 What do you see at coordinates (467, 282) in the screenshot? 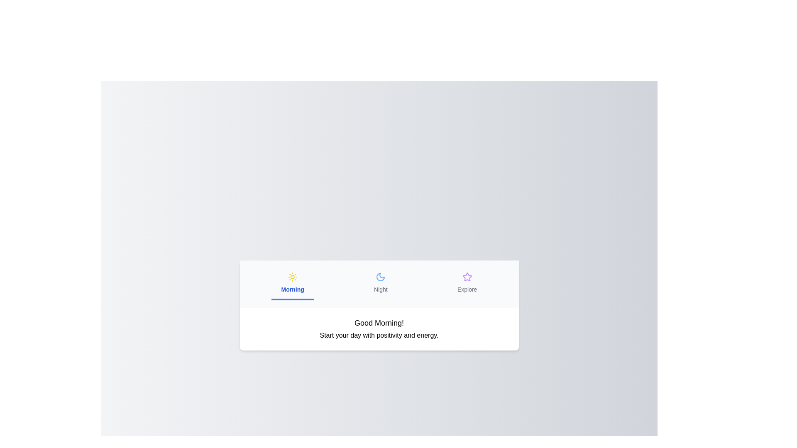
I see `the Explore tab by clicking on it` at bounding box center [467, 282].